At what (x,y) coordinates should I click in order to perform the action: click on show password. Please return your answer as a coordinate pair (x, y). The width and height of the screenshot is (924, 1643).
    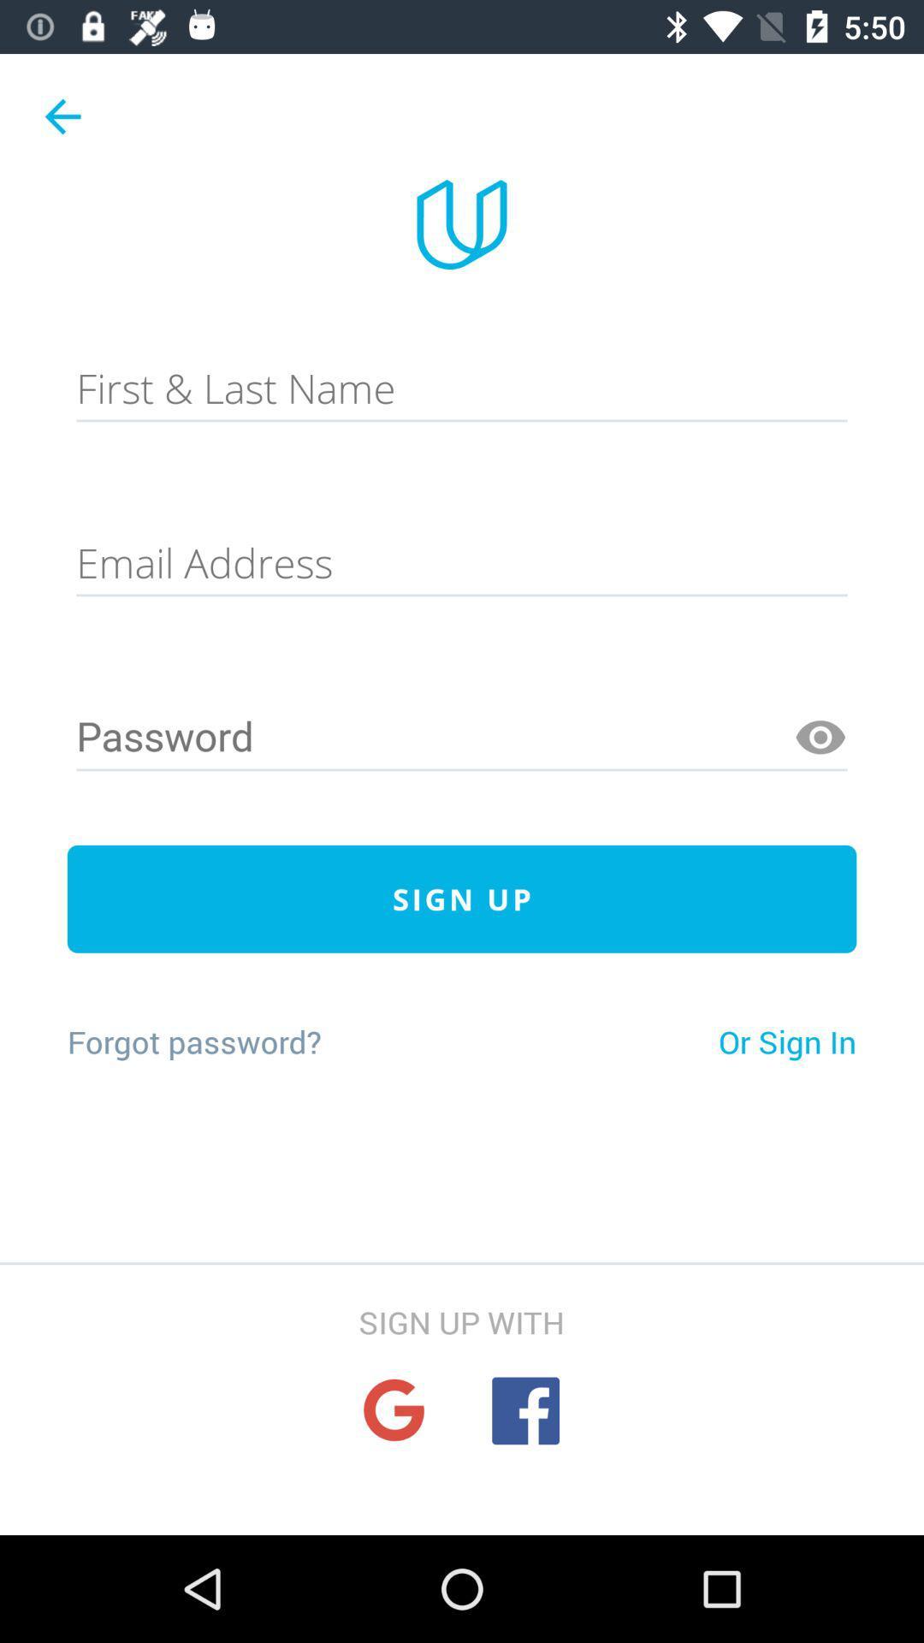
    Looking at the image, I should click on (820, 738).